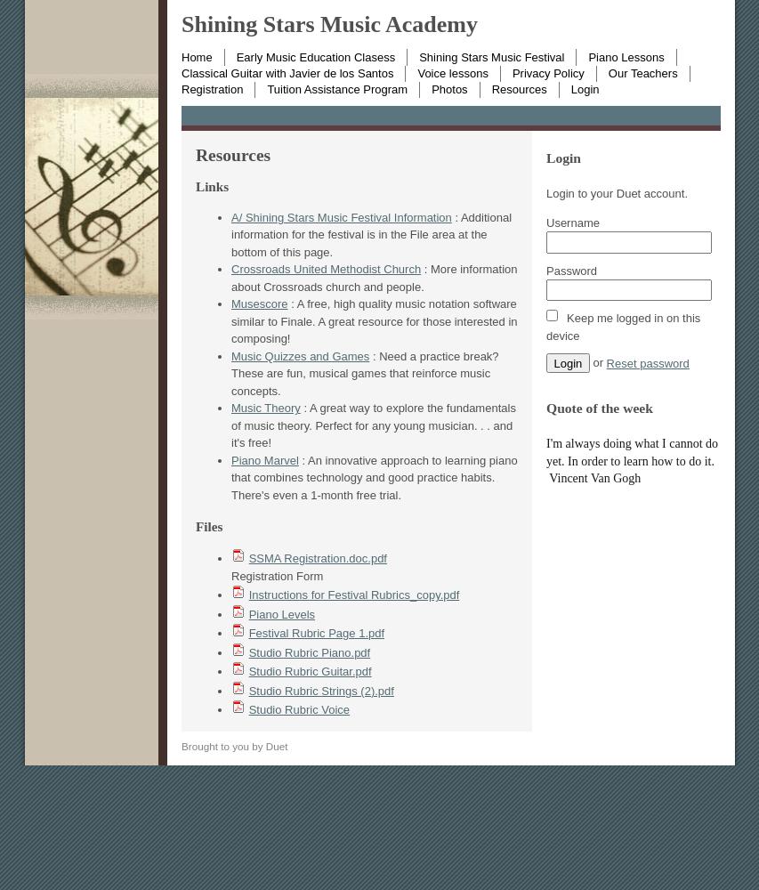 Image resolution: width=759 pixels, height=890 pixels. I want to click on 'Music Quizzes and Games', so click(299, 355).